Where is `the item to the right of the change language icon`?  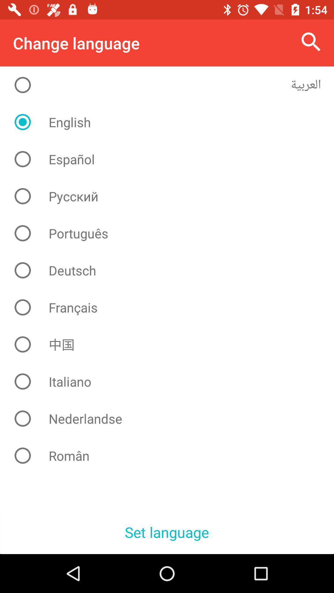
the item to the right of the change language icon is located at coordinates (311, 42).